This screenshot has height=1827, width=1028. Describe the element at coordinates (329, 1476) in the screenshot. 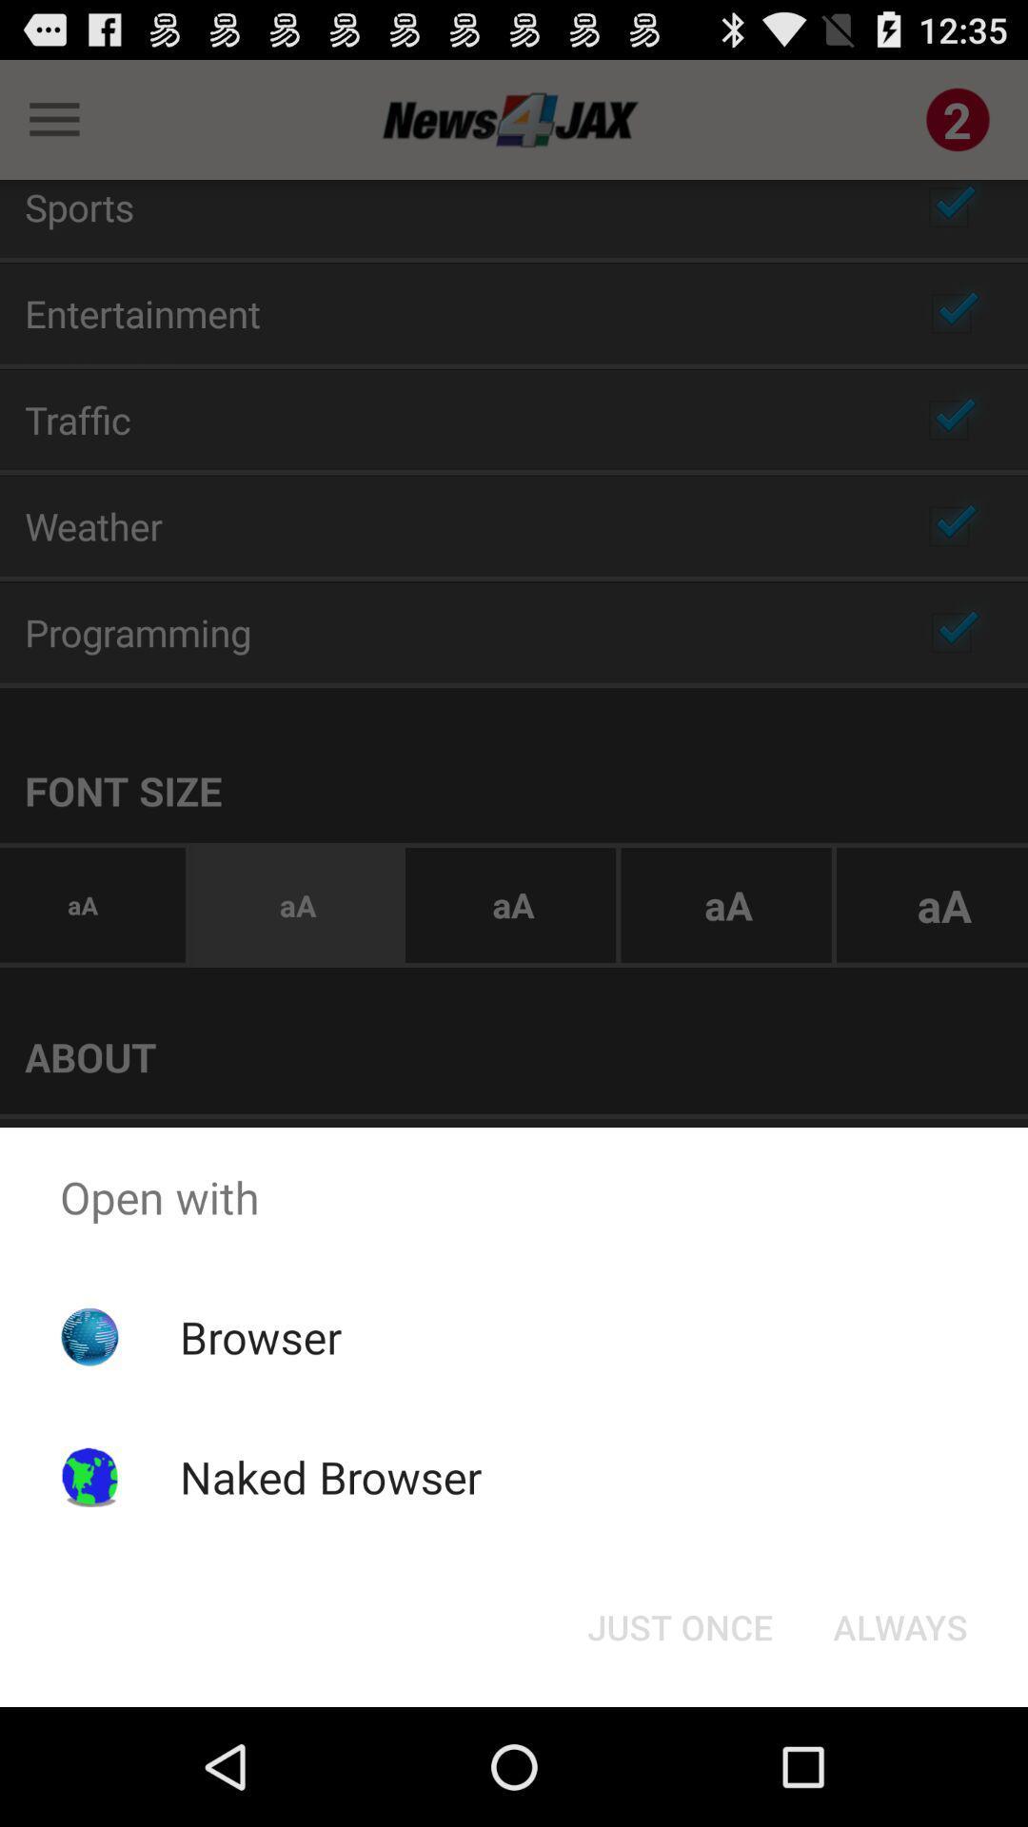

I see `item below browser app` at that location.